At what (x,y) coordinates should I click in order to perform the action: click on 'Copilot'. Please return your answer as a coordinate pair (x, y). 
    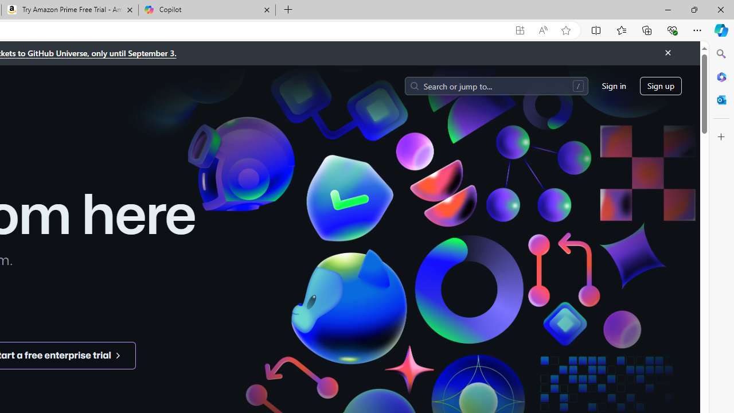
    Looking at the image, I should click on (206, 10).